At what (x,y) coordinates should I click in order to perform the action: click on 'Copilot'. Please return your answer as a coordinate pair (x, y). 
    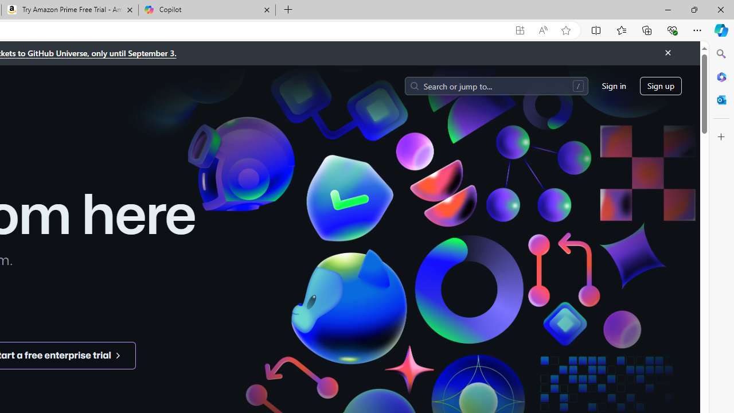
    Looking at the image, I should click on (206, 10).